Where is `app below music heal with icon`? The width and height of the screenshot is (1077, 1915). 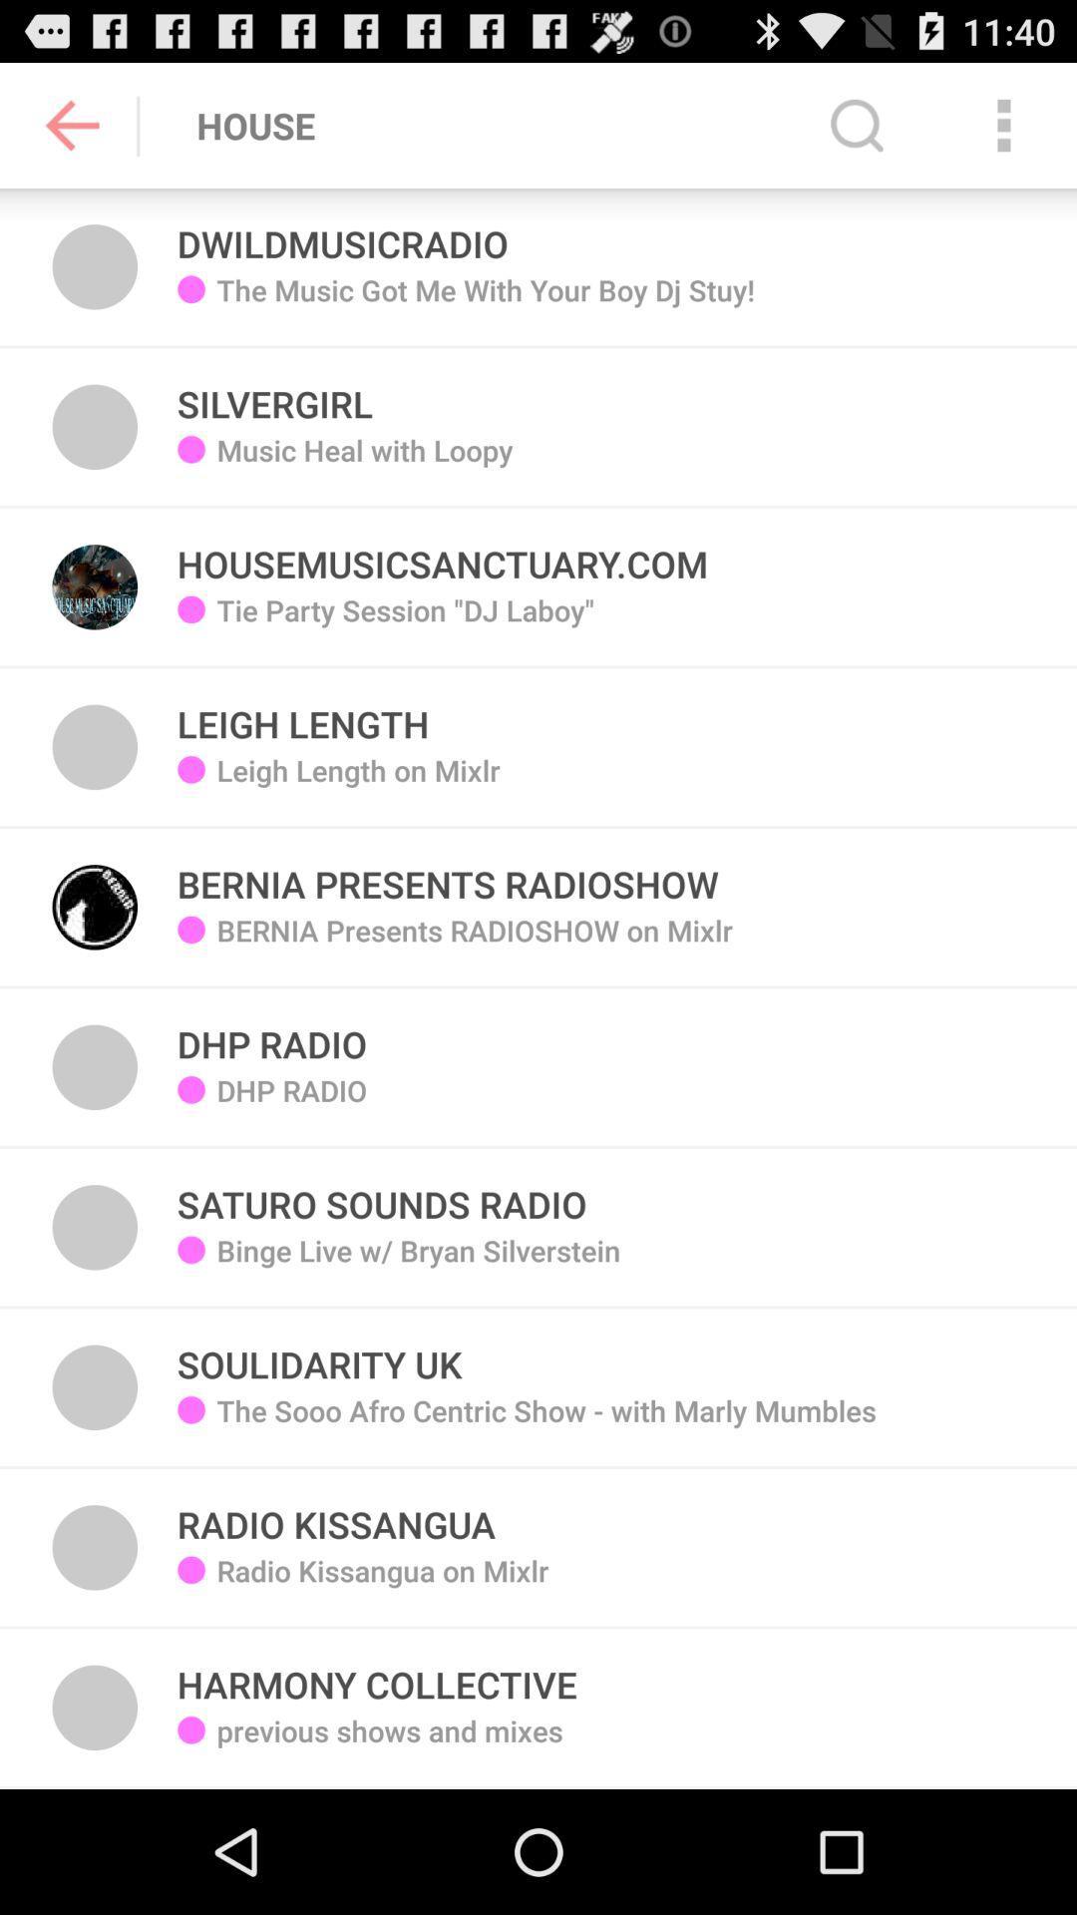 app below music heal with icon is located at coordinates (404, 624).